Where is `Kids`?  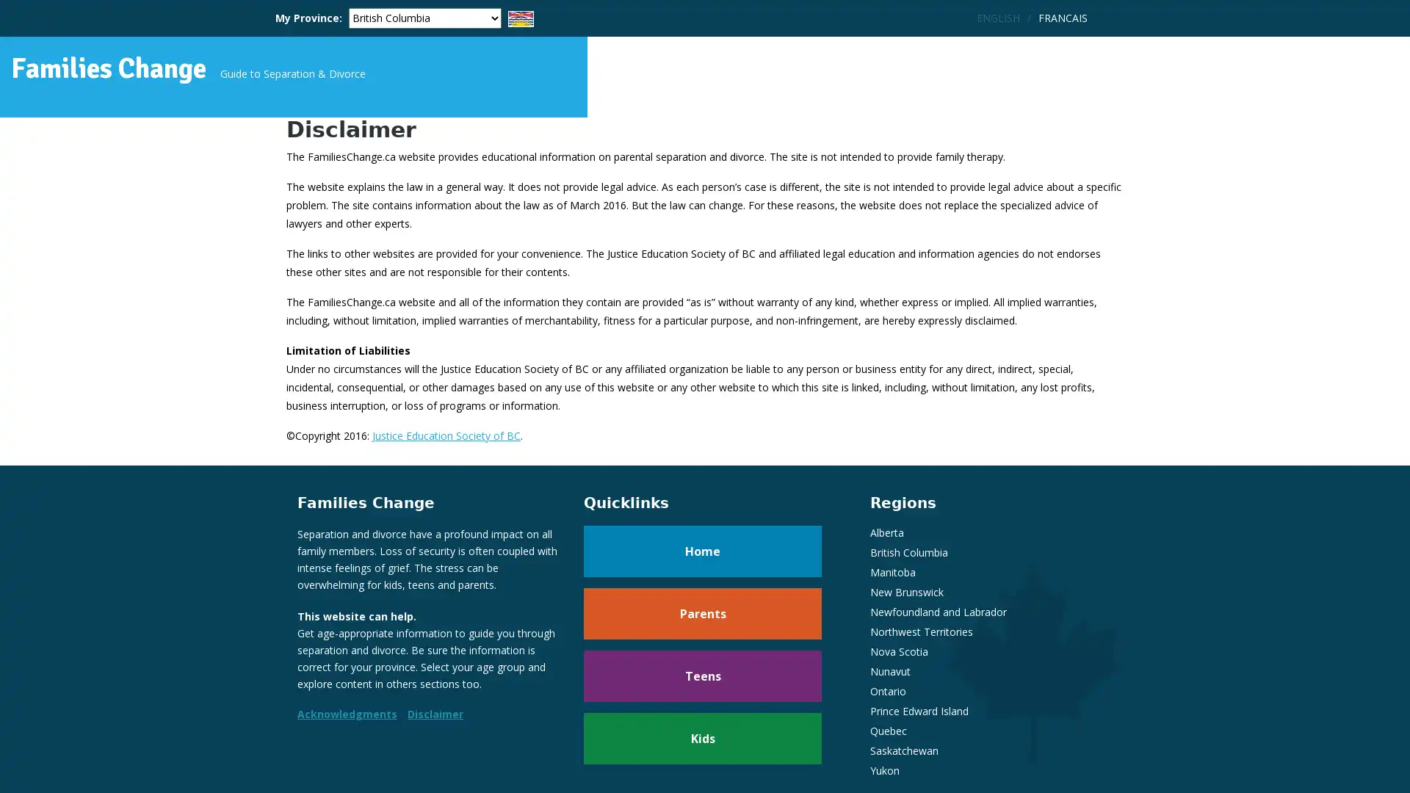 Kids is located at coordinates (701, 753).